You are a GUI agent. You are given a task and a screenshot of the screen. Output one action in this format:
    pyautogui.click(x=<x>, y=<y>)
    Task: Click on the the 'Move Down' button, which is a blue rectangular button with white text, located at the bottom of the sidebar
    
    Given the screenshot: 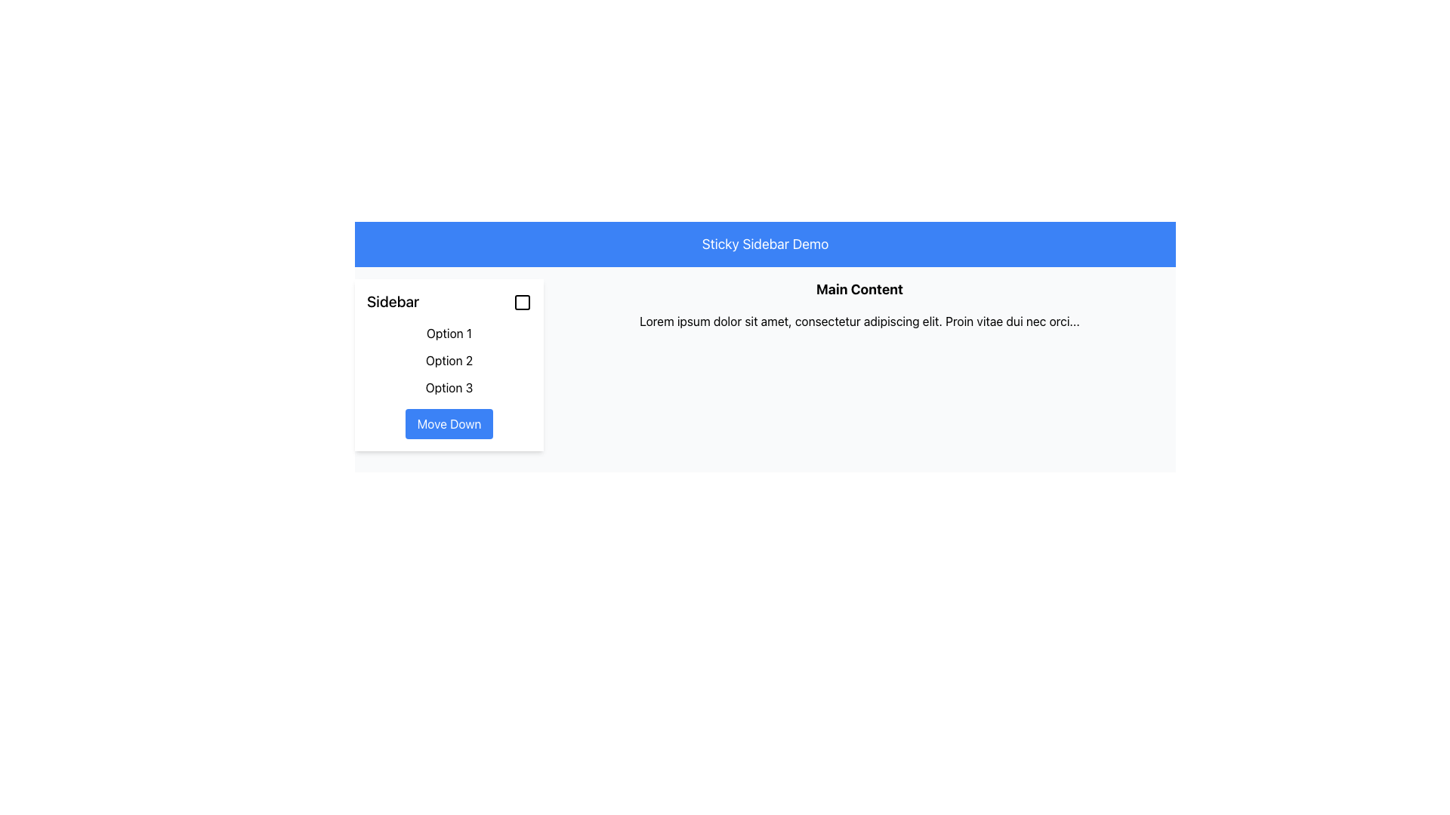 What is the action you would take?
    pyautogui.click(x=449, y=424)
    